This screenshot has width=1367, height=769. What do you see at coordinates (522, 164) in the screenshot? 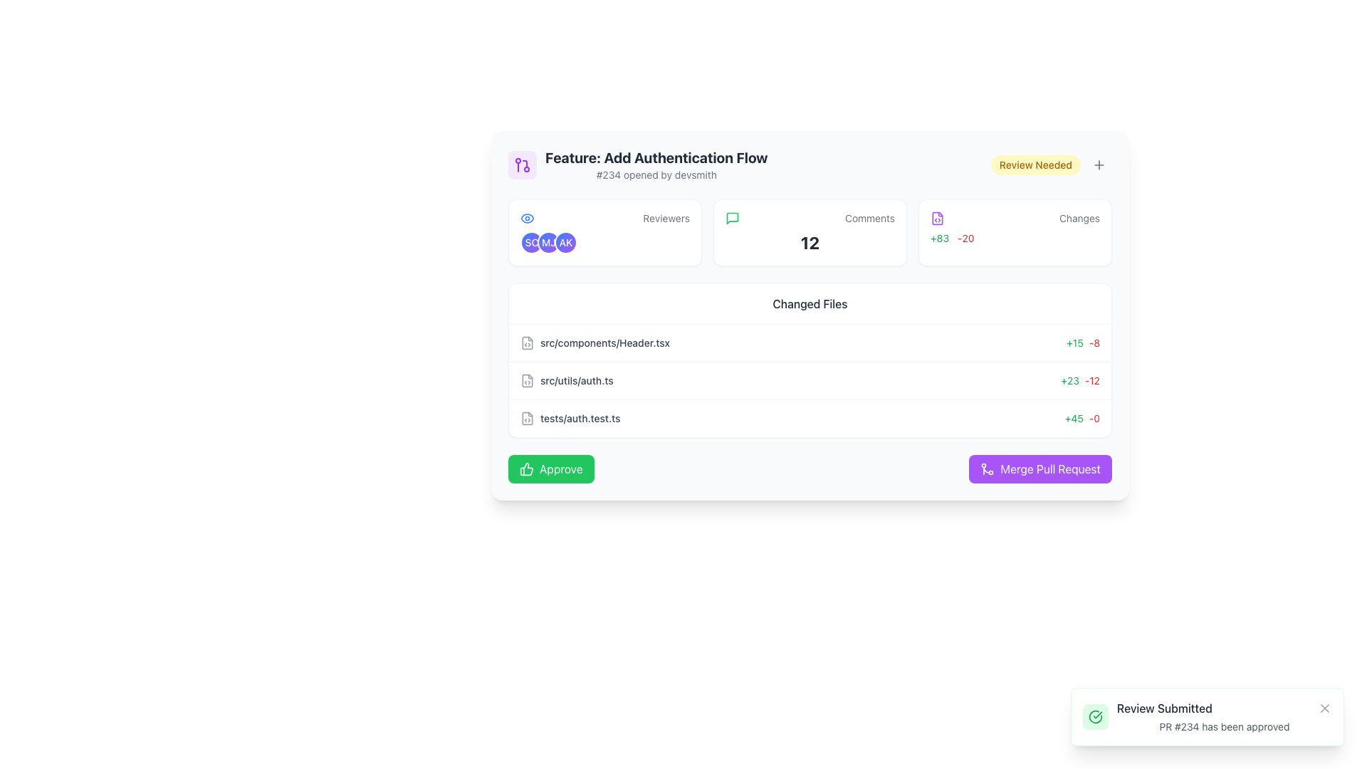
I see `the Git pull request icon located in a small purple background box towards the top left section of a pull request card, which is the only icon of its kind in this section` at bounding box center [522, 164].